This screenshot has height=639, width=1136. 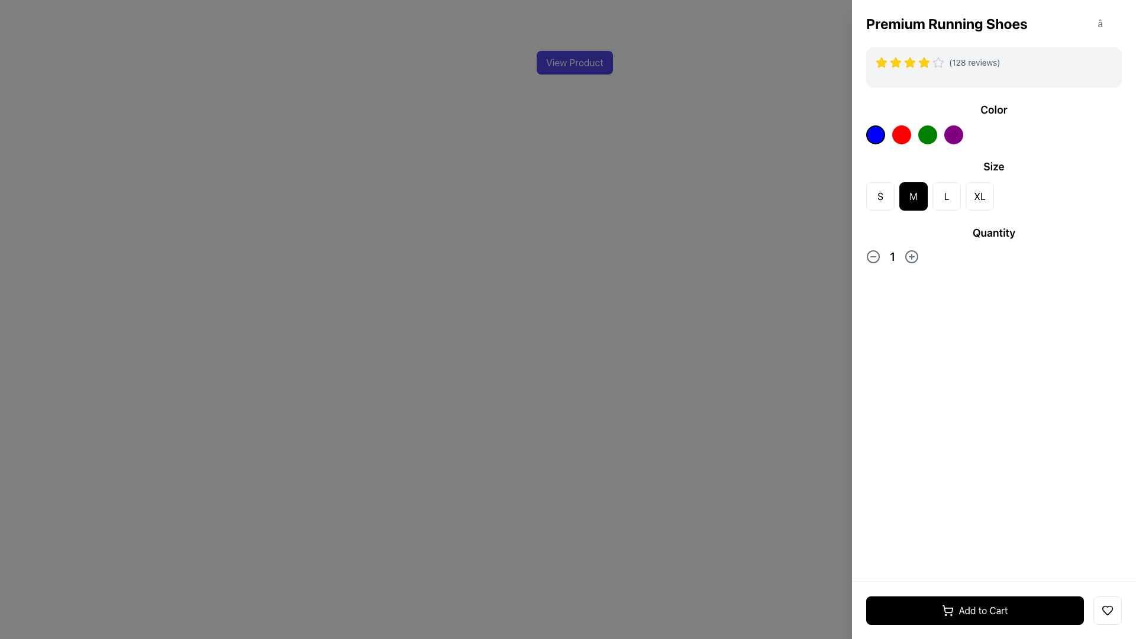 What do you see at coordinates (895, 62) in the screenshot?
I see `the second star icon in the rating system, which is visually represented in yellow, indicating it is selected and is positioned between the first and third stars` at bounding box center [895, 62].